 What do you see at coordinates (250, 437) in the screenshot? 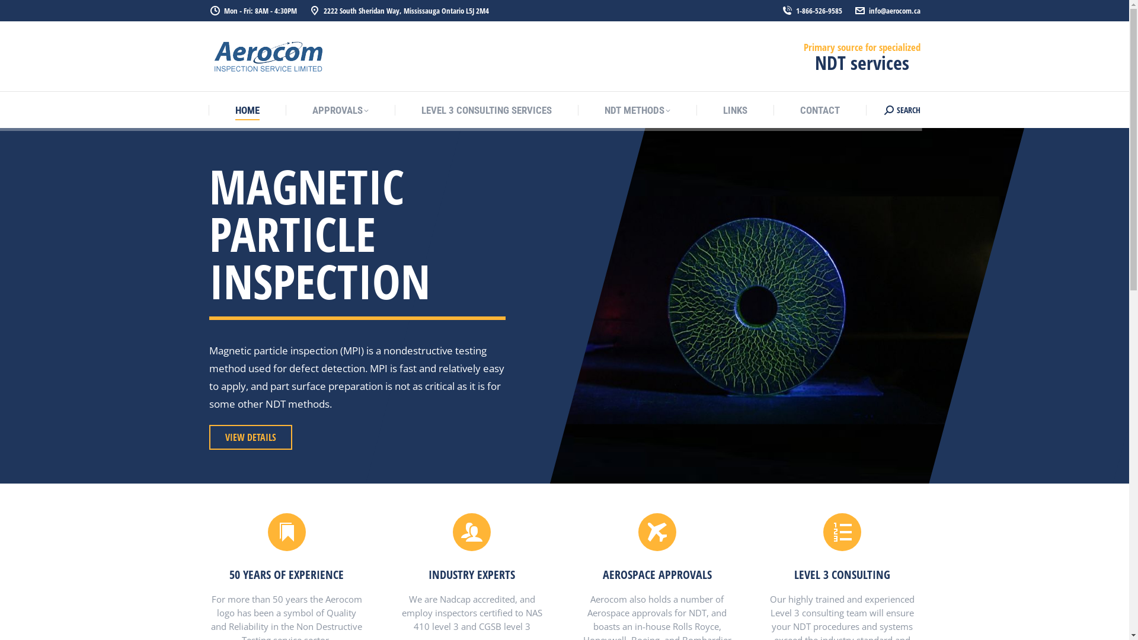
I see `'VIEW DETAILS'` at bounding box center [250, 437].